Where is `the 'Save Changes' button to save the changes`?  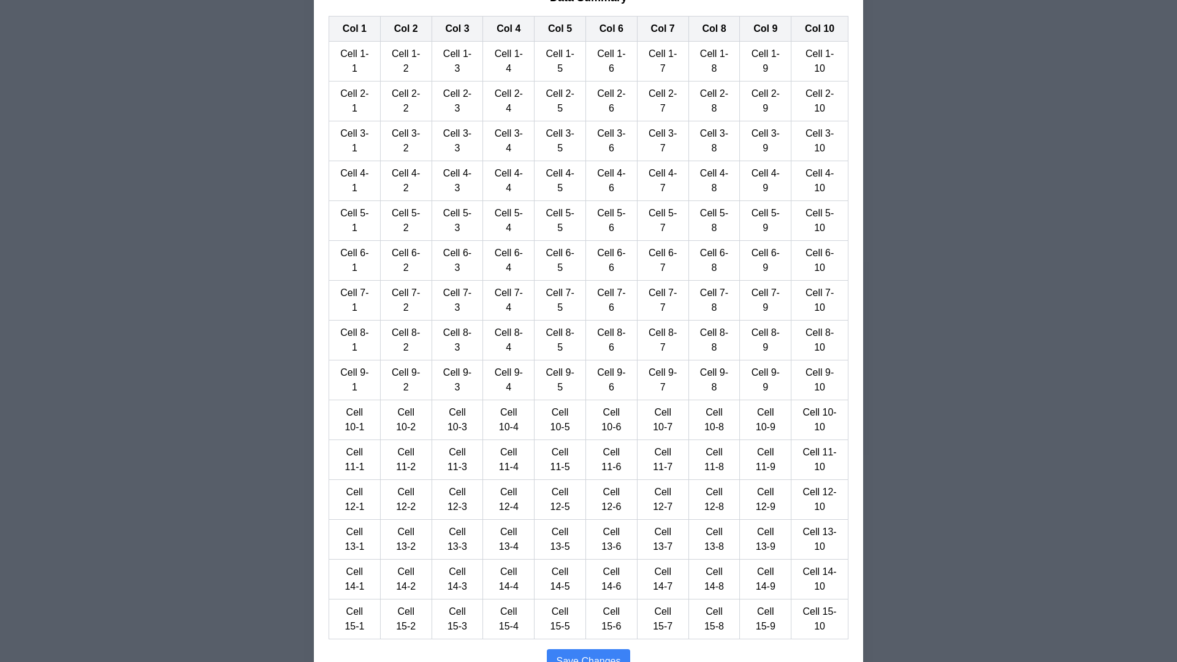 the 'Save Changes' button to save the changes is located at coordinates (588, 660).